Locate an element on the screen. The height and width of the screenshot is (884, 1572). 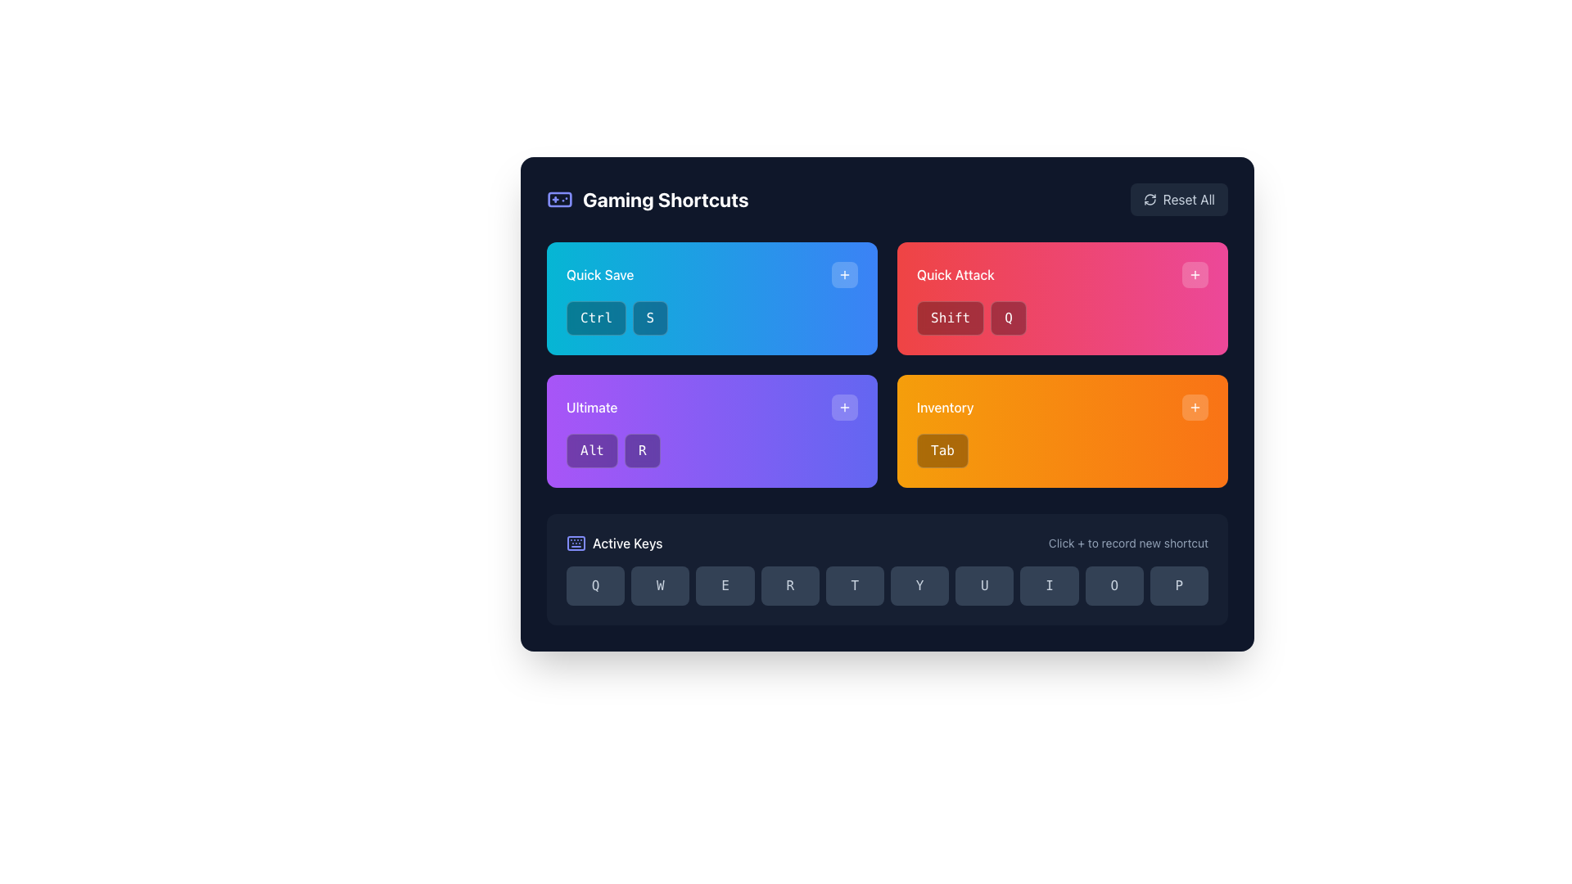
the button located in the top-right corner of the rectangular orange box labeled 'Inventory' is located at coordinates (1195, 406).